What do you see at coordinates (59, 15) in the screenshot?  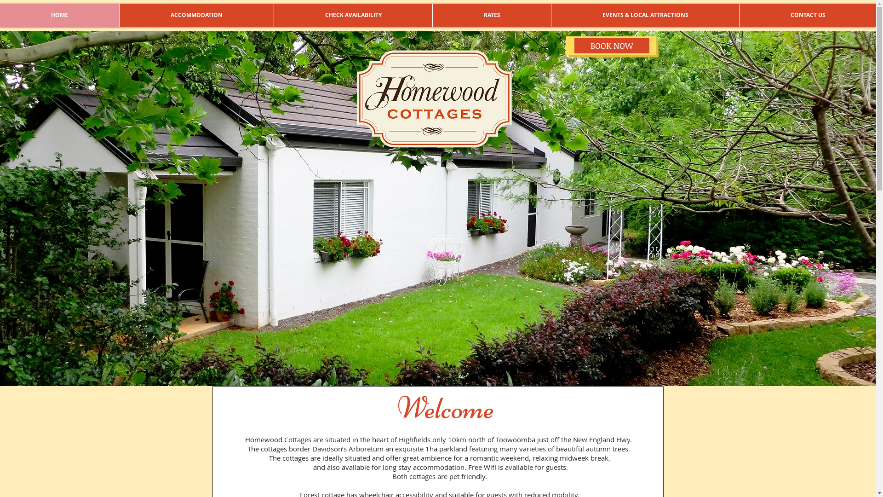 I see `'HOME'` at bounding box center [59, 15].